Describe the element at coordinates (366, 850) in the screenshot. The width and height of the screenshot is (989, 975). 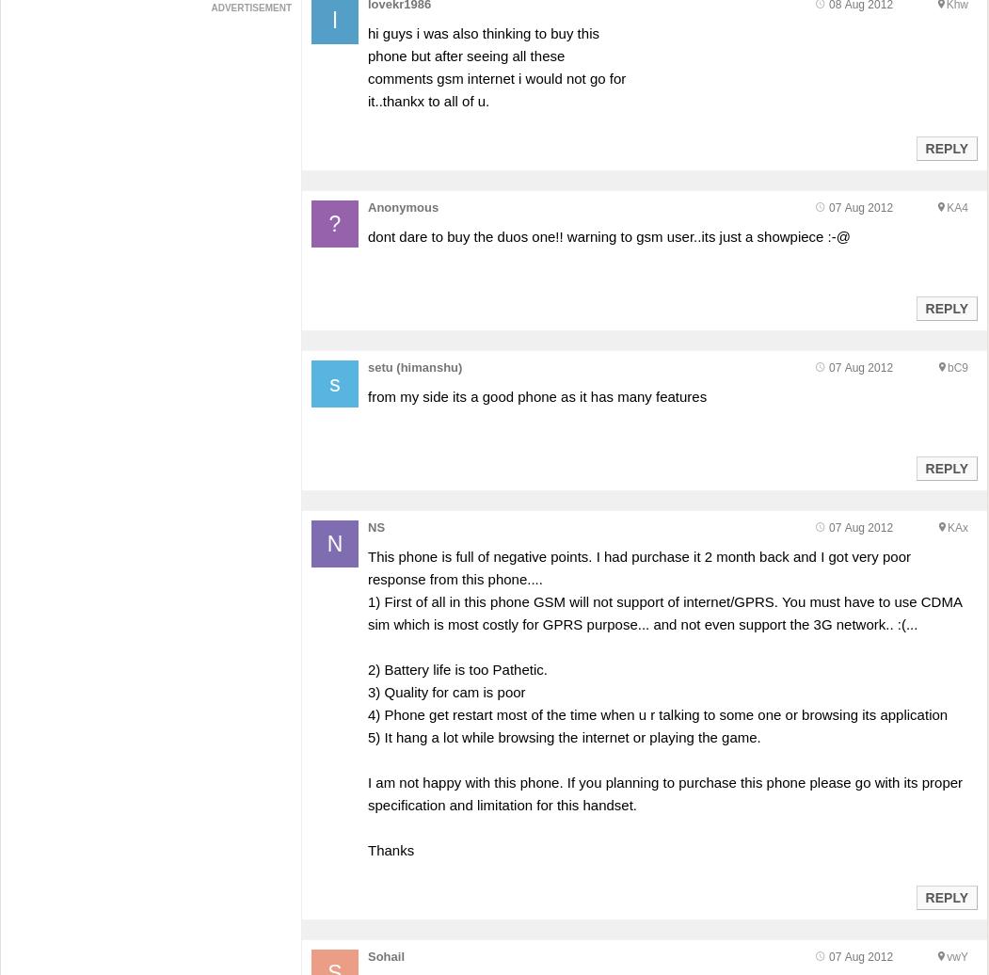
I see `'Thanks'` at that location.